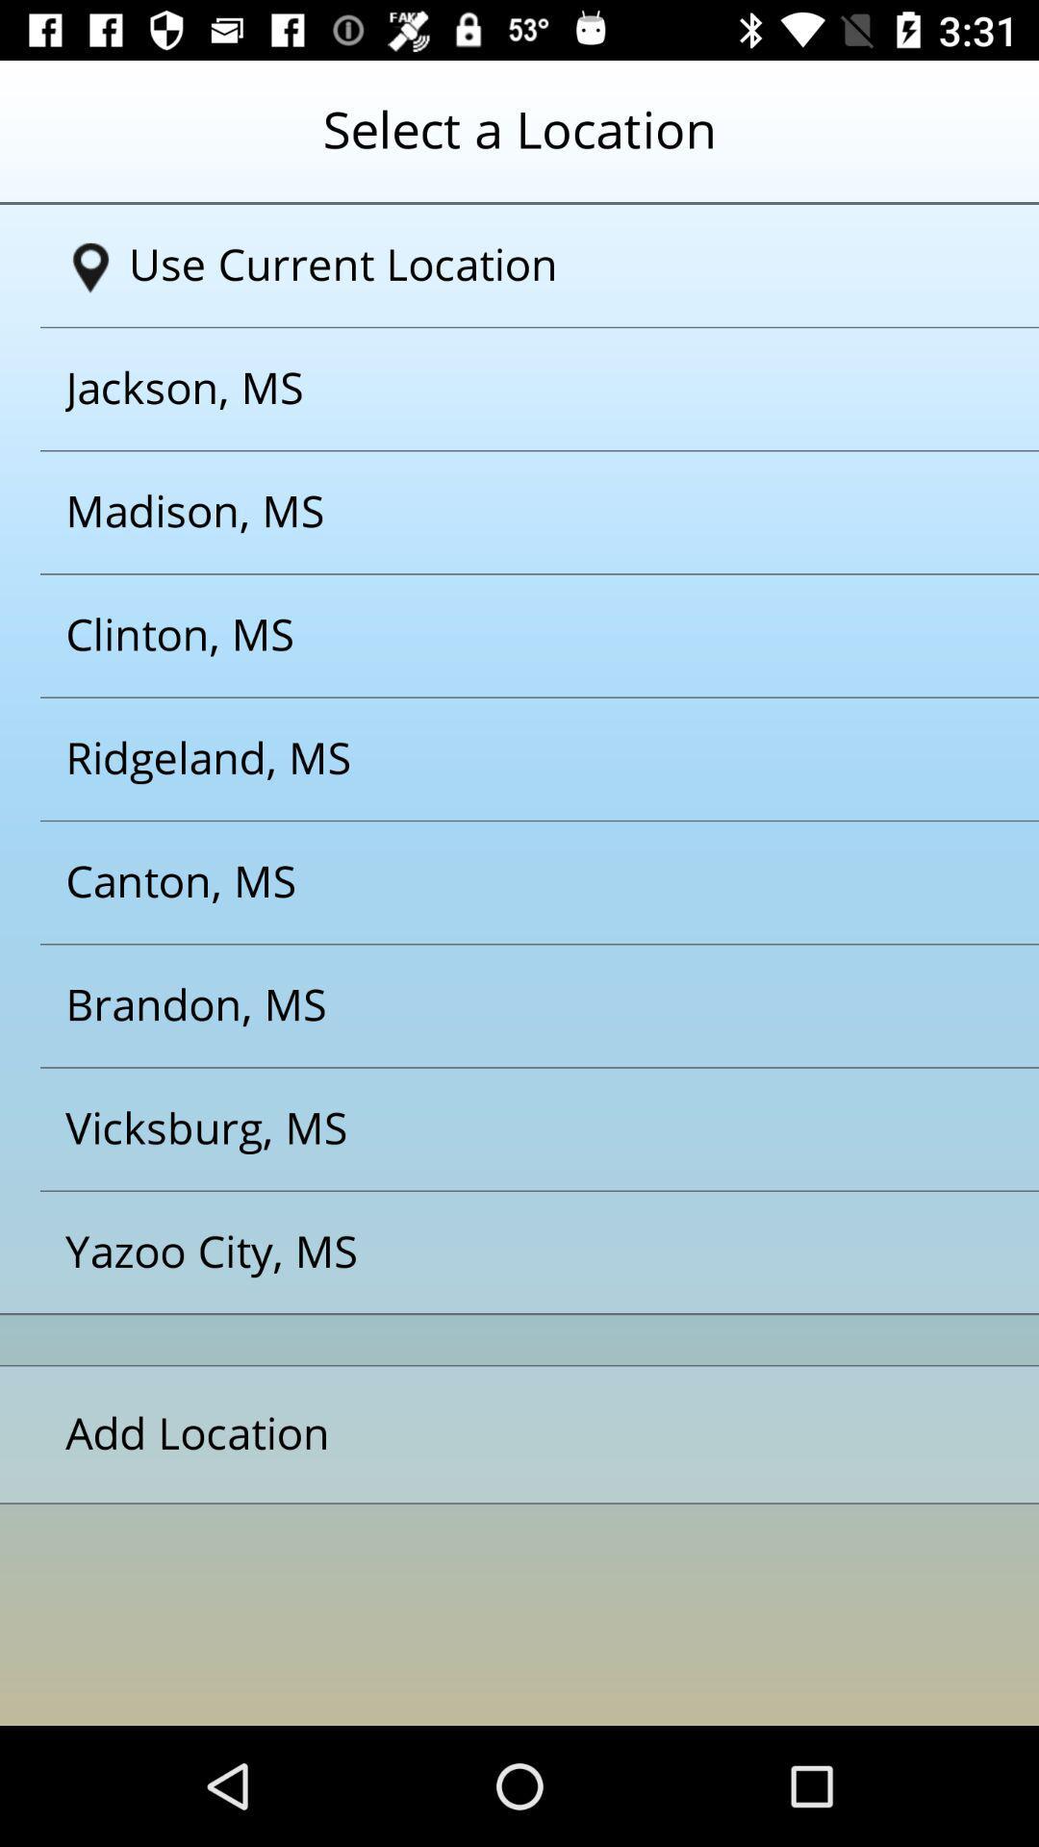 This screenshot has height=1847, width=1039. Describe the element at coordinates (494, 636) in the screenshot. I see `the button clintonms on the web page` at that location.